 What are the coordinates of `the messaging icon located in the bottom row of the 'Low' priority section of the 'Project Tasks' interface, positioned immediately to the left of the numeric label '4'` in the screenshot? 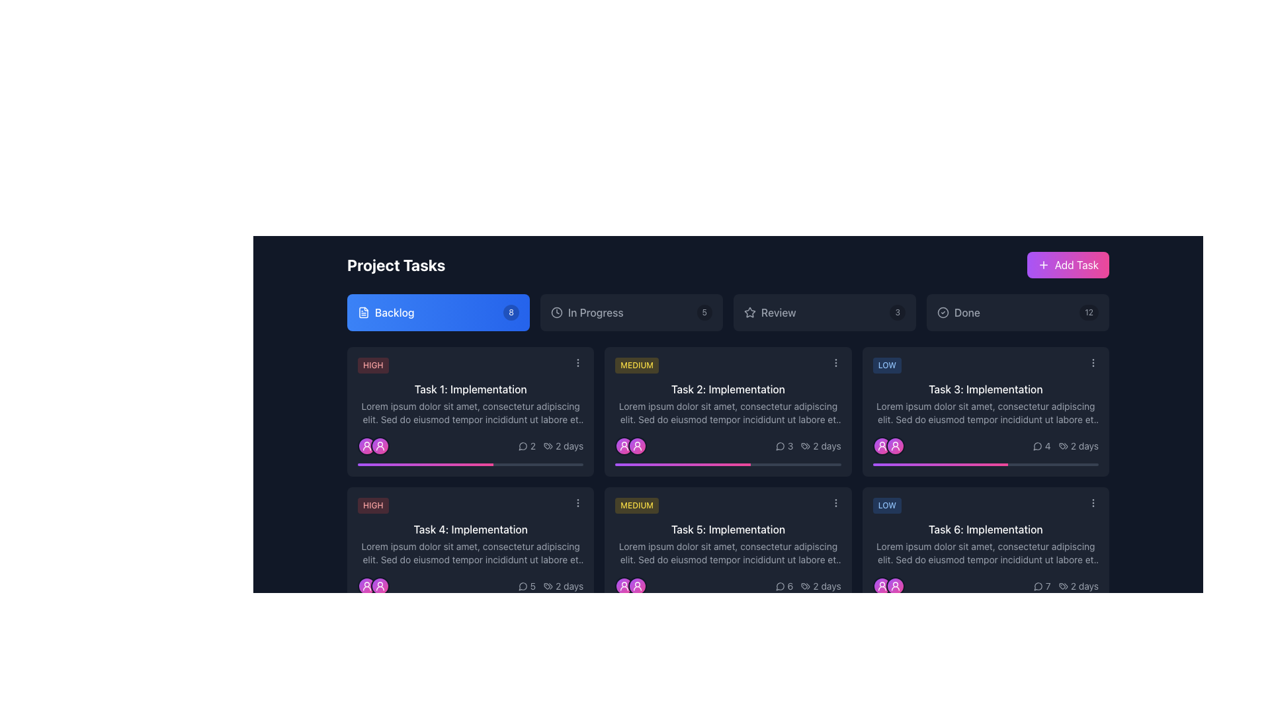 It's located at (1037, 446).